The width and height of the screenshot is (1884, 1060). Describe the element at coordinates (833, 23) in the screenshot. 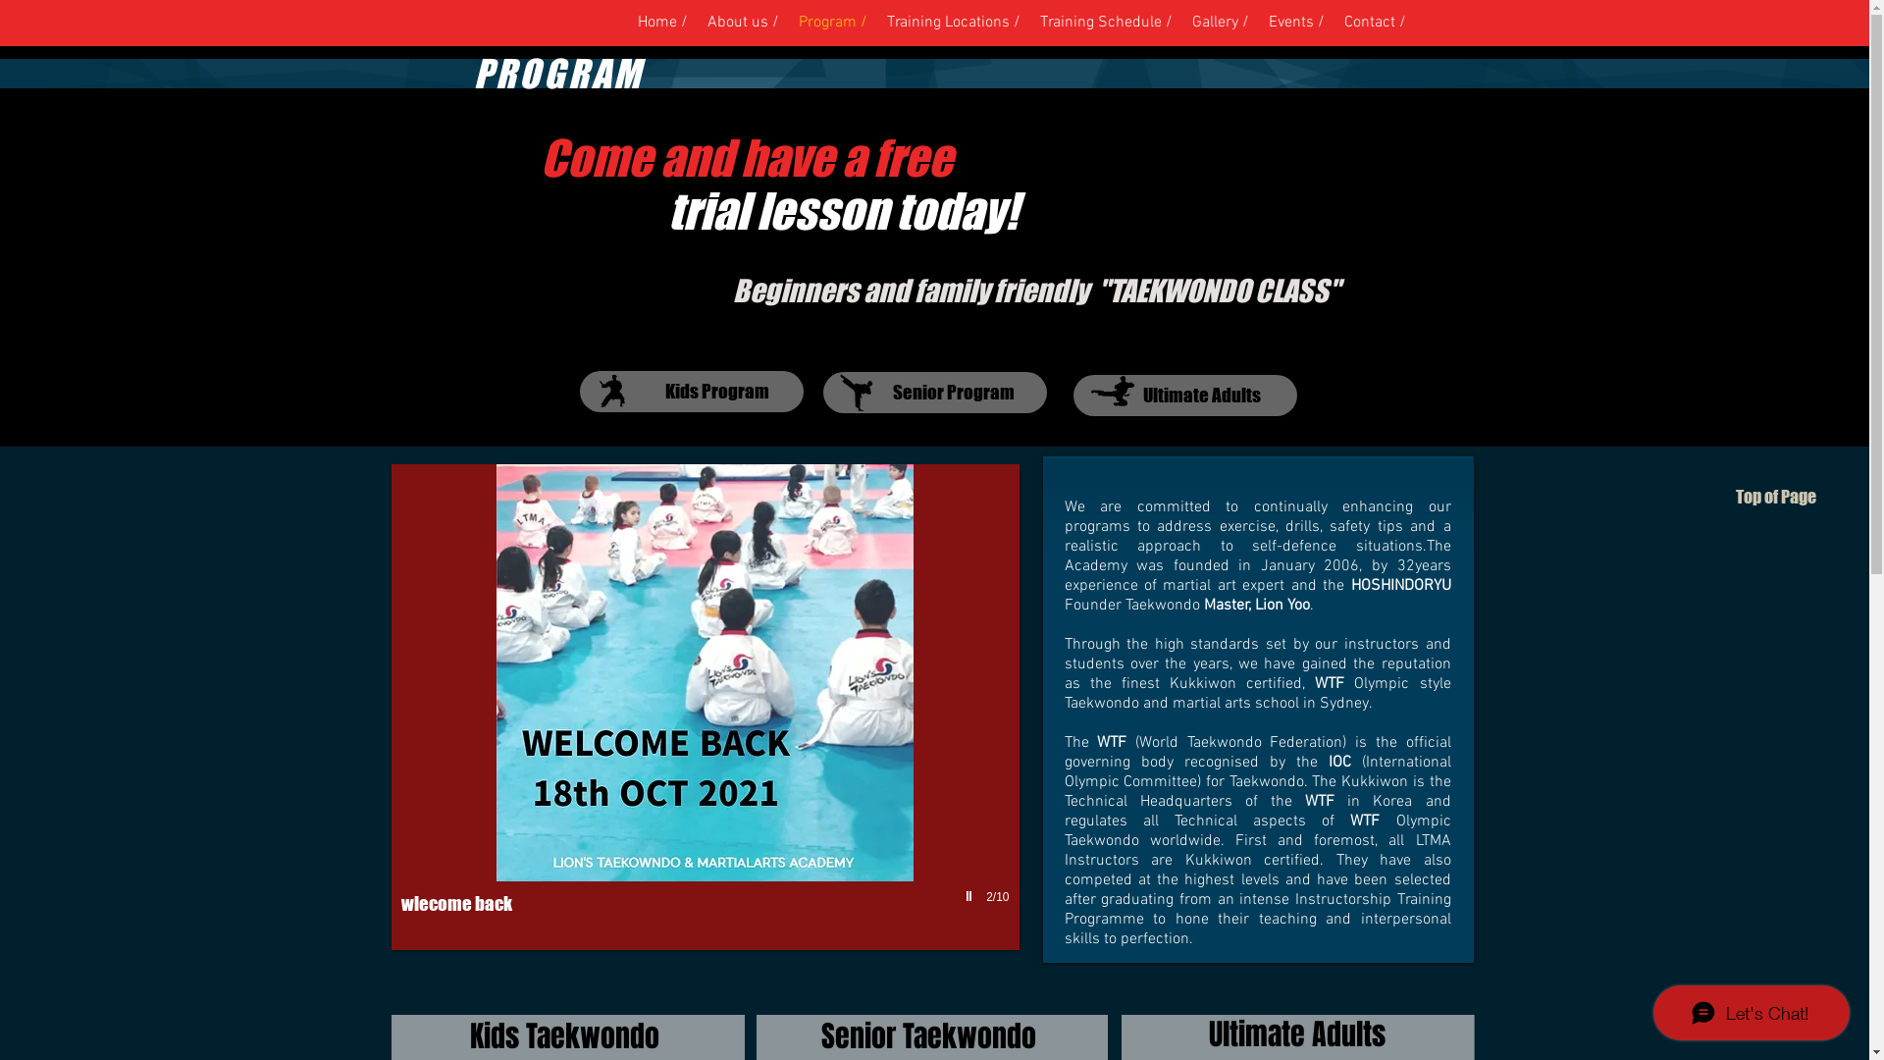

I see `'Program /'` at that location.